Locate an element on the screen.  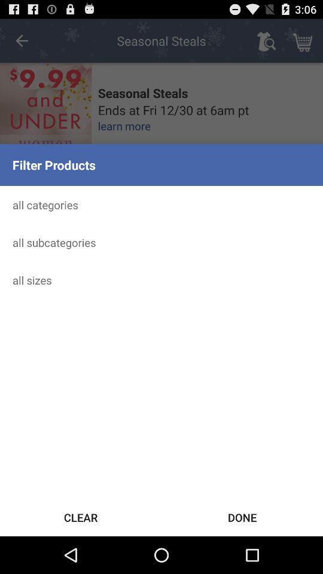
the done is located at coordinates (242, 517).